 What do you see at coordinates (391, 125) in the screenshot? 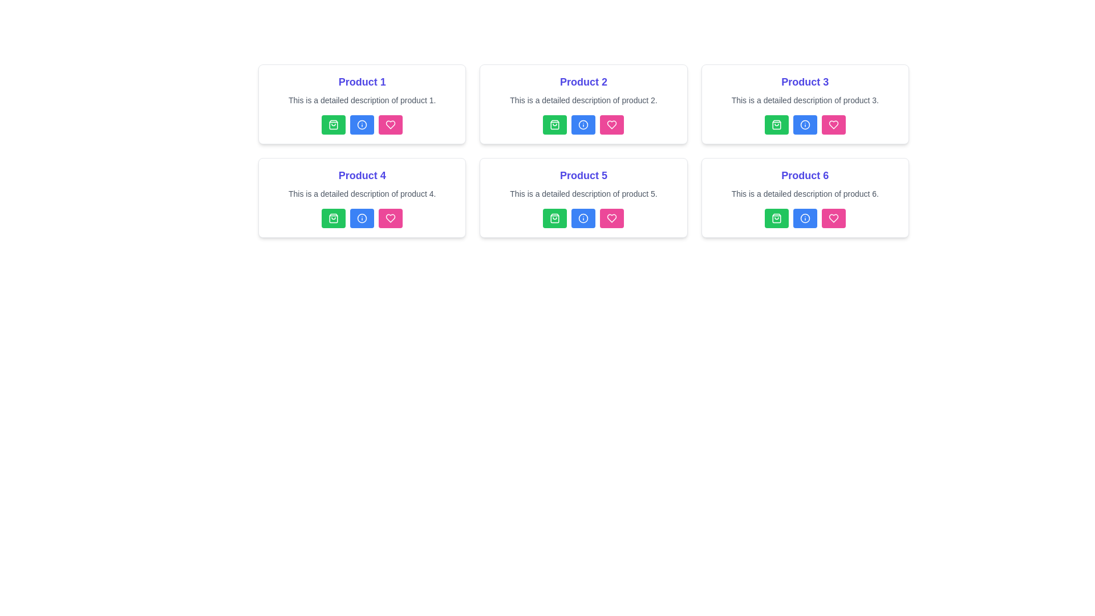
I see `the pink button with a heart icon located at the rightmost position of the button group at the bottom of the 'Product 1' card` at bounding box center [391, 125].